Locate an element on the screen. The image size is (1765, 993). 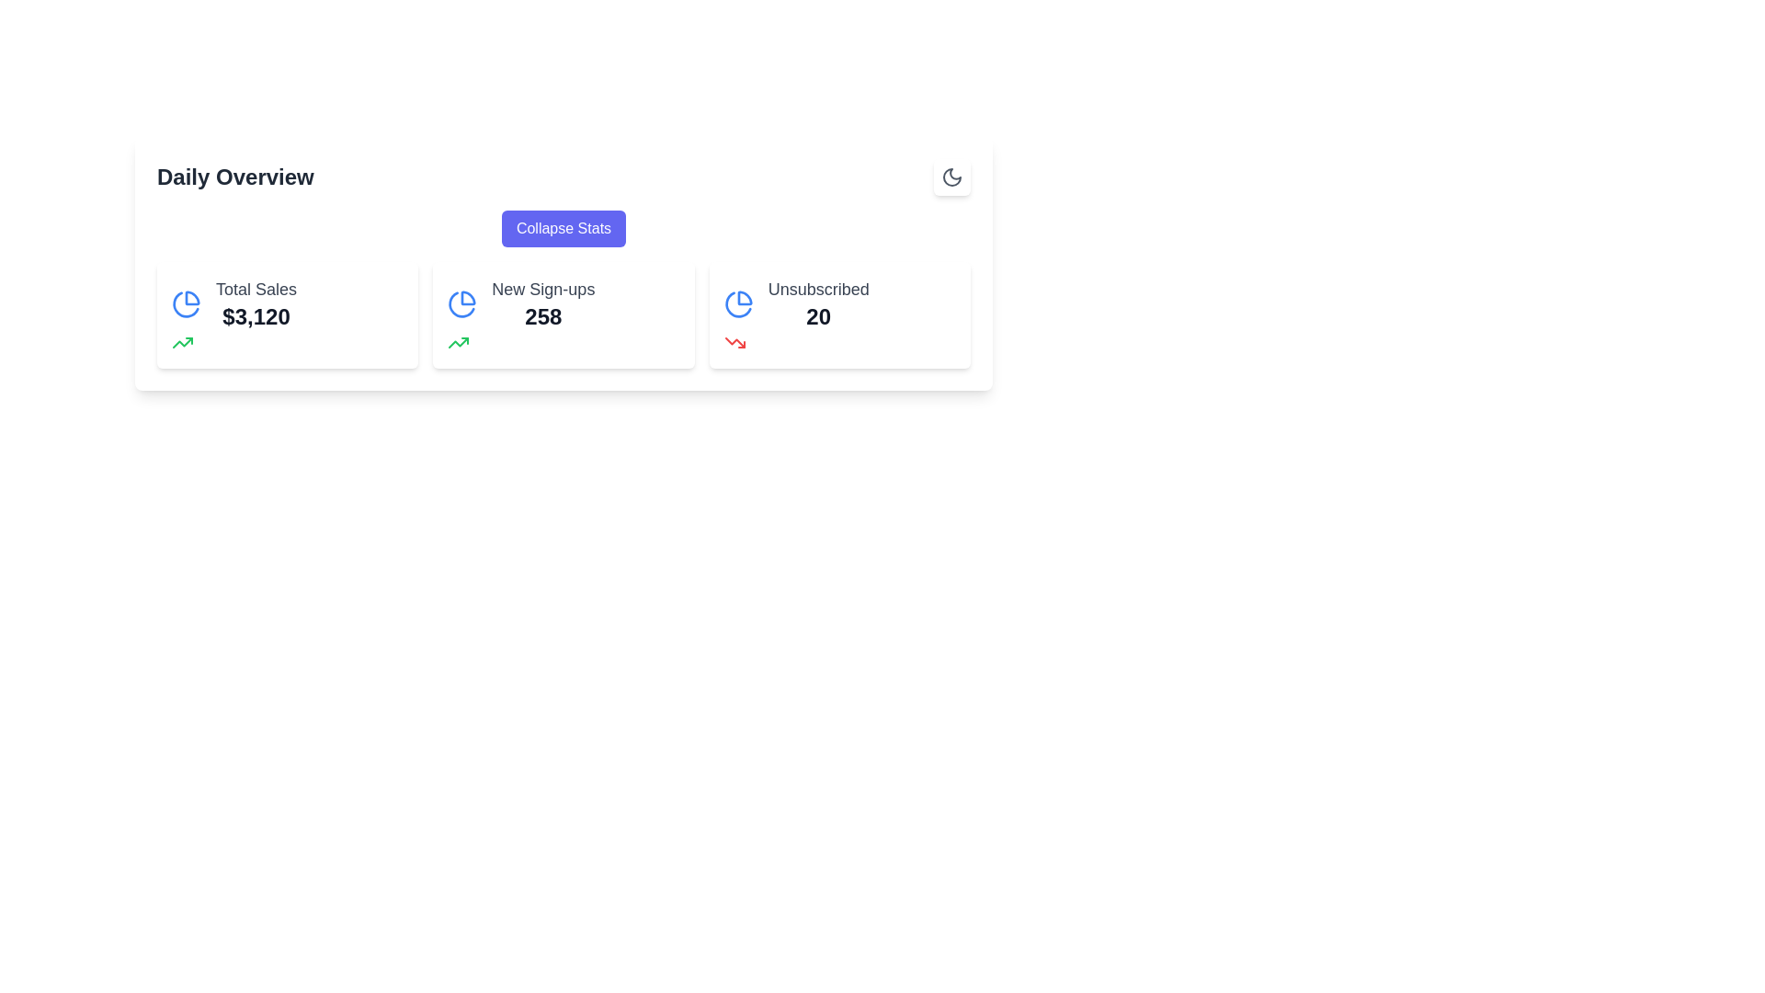
the button that toggles the visibility of the statistics cards labeled 'Total Sales', 'New Sign-ups', and 'Unsubscribed' is located at coordinates (563, 228).